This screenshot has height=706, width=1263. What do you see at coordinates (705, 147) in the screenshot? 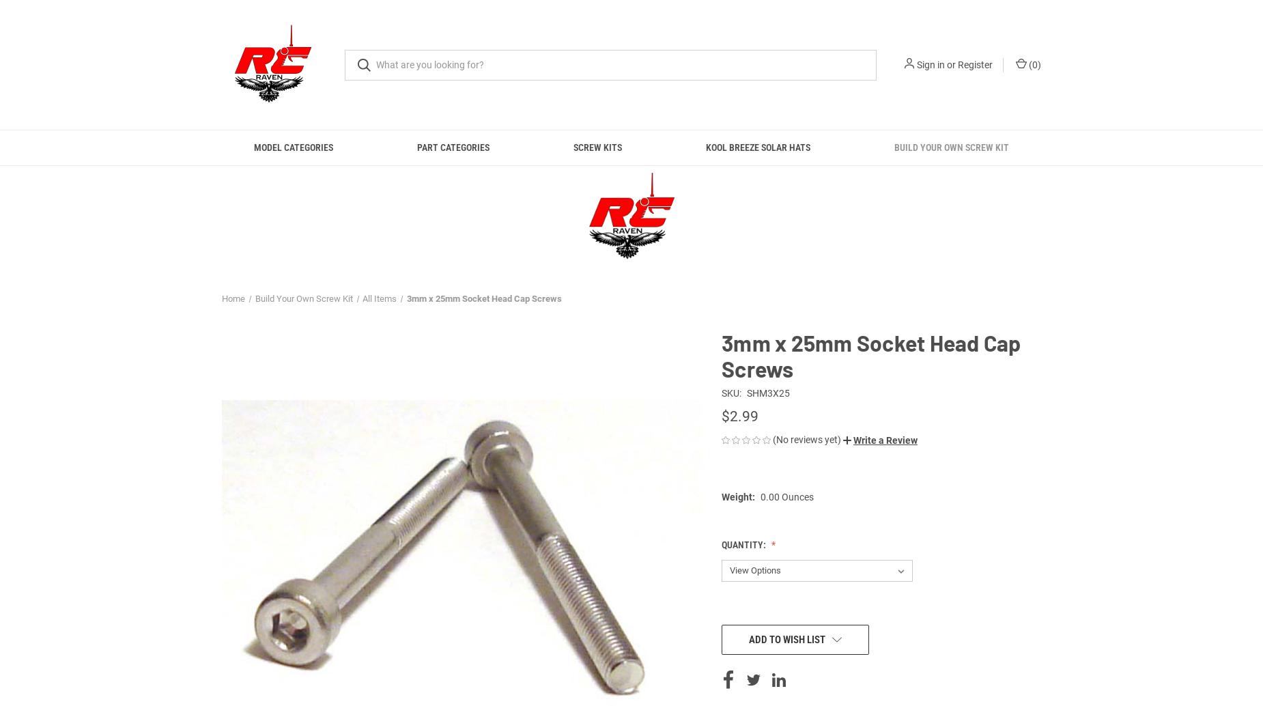
I see `'Kool Breeze Solar Hats'` at bounding box center [705, 147].